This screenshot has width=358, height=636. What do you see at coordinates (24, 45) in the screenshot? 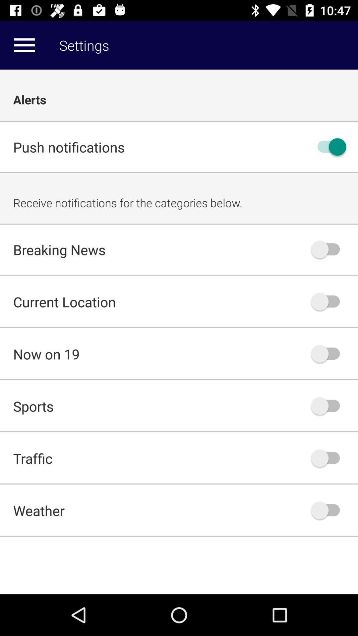
I see `menu` at bounding box center [24, 45].